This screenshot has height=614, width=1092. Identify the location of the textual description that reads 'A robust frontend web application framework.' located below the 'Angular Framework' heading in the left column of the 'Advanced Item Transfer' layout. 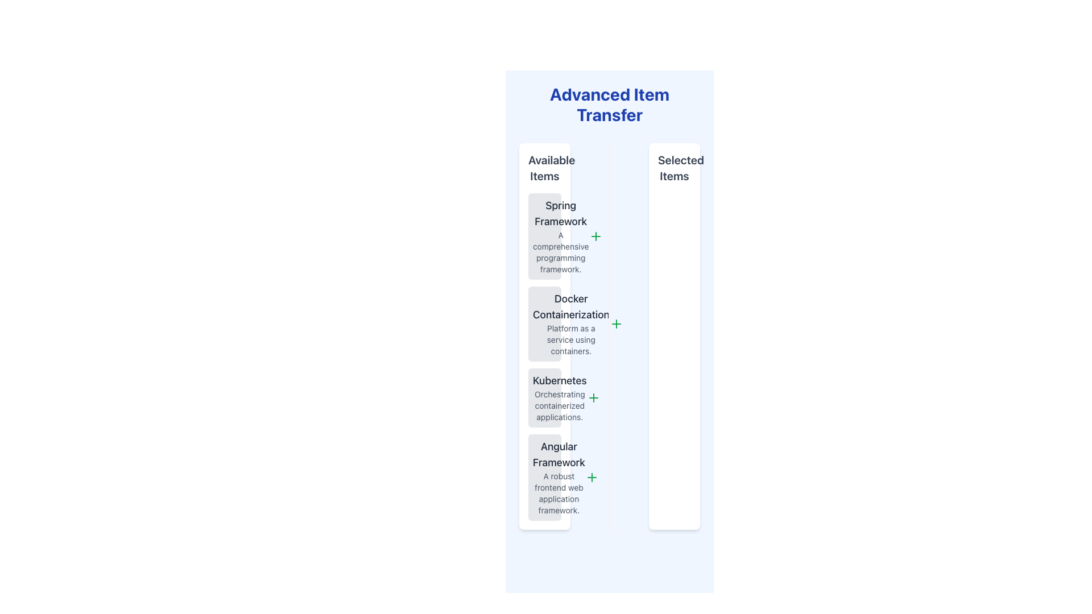
(559, 492).